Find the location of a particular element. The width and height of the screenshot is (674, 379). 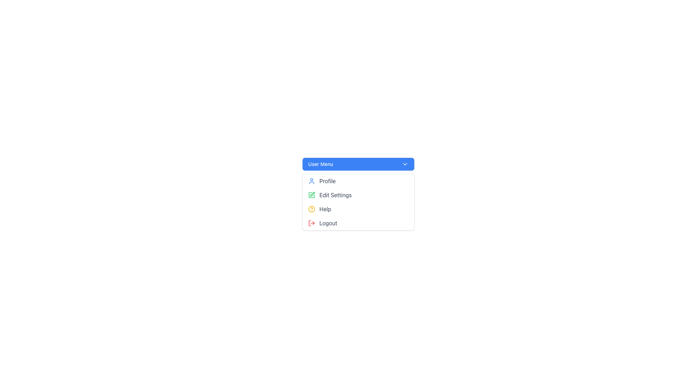

the circular yellow graphical icon element located to the left of the 'Help' menu item in the dropdown interface is located at coordinates (311, 209).